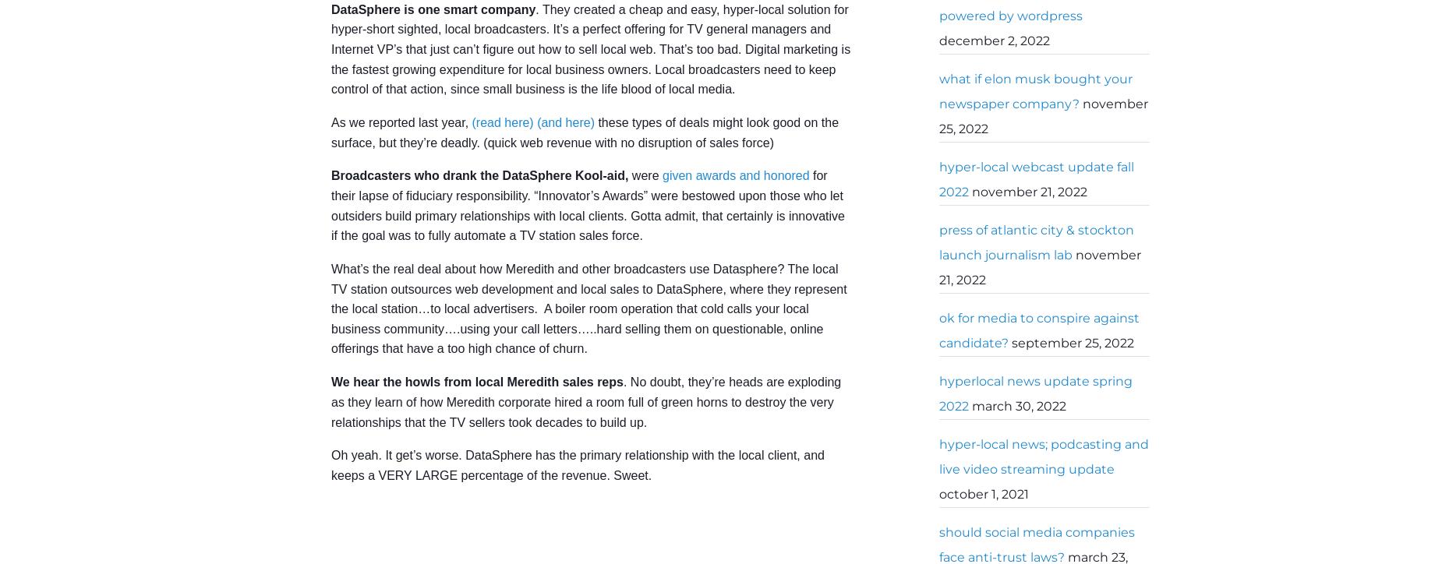 The height and width of the screenshot is (564, 1442). I want to click on '(and here)', so click(565, 121).